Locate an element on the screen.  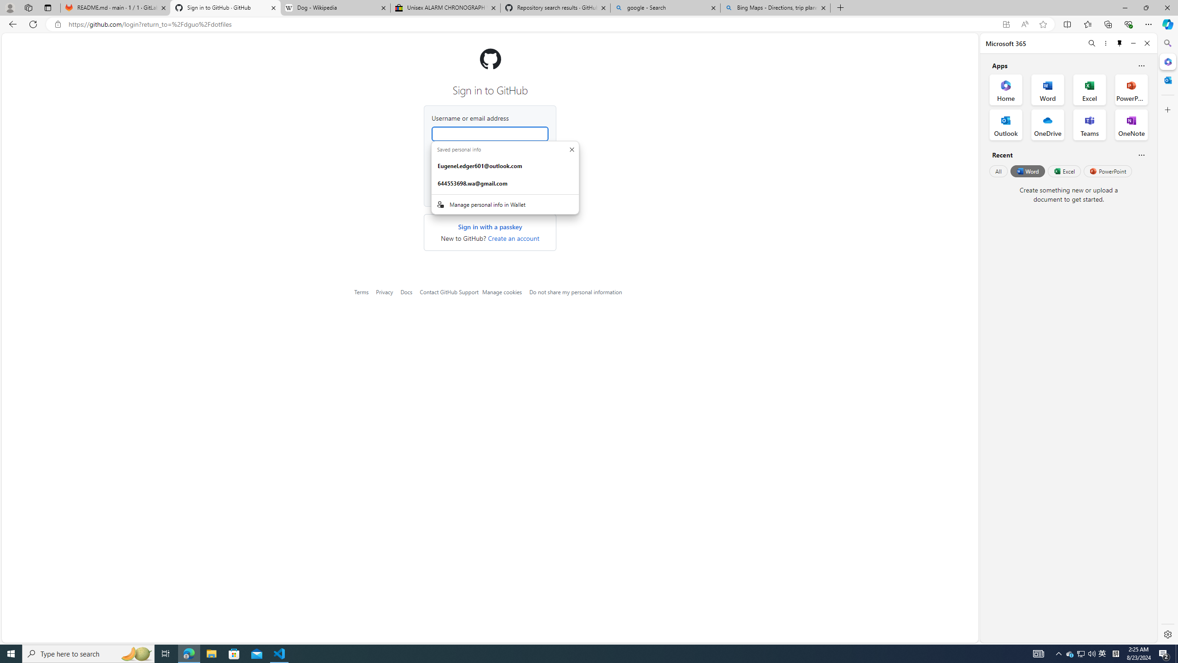
'644553698.wa@gmail.com. :Basic info suggestion.' is located at coordinates (505, 183).